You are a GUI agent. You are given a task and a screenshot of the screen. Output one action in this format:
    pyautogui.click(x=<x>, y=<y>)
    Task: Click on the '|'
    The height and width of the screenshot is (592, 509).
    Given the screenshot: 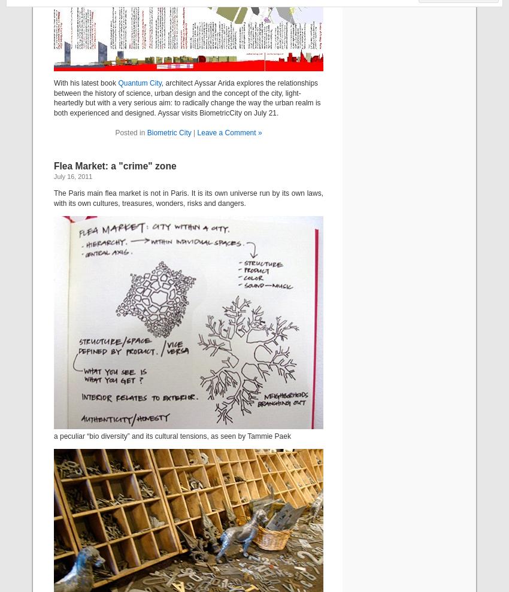 What is the action you would take?
    pyautogui.click(x=194, y=132)
    